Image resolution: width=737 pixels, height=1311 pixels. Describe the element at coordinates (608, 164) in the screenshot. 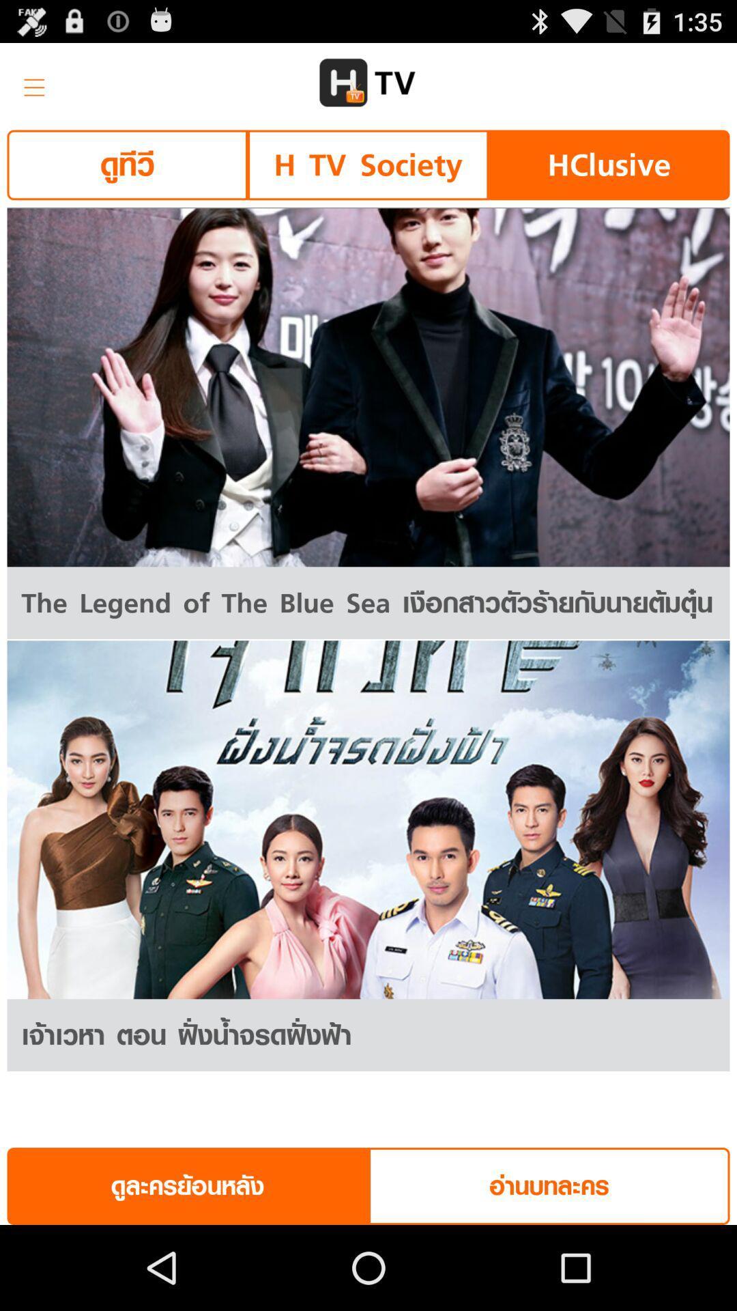

I see `button next to h tv society button` at that location.